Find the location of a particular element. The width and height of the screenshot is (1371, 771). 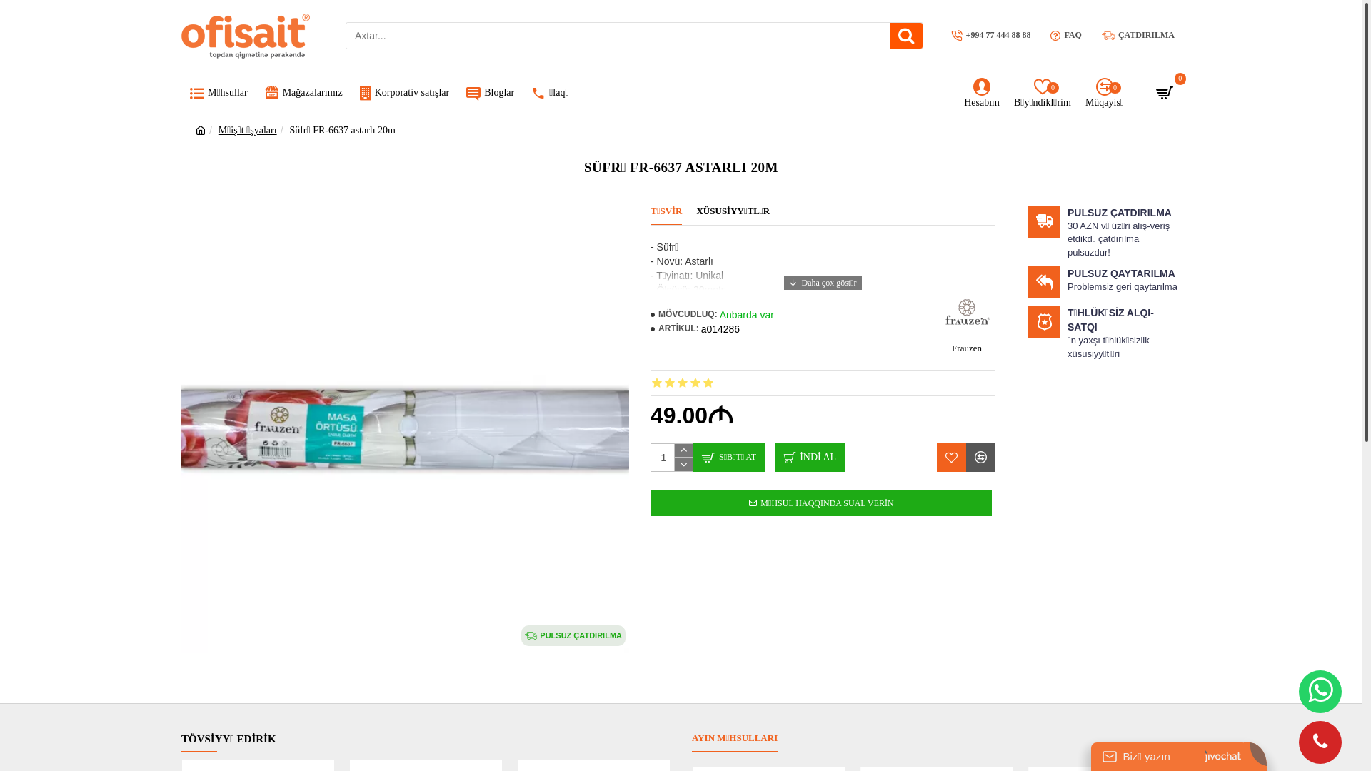

'+994 77 444 88 88' is located at coordinates (945, 34).